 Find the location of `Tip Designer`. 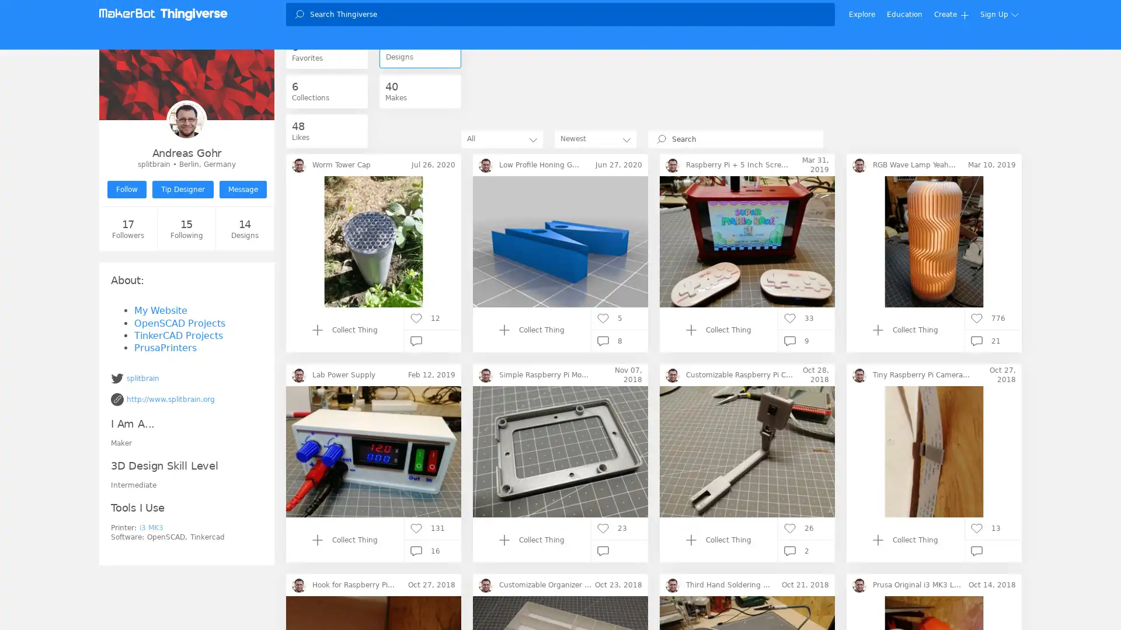

Tip Designer is located at coordinates (182, 188).